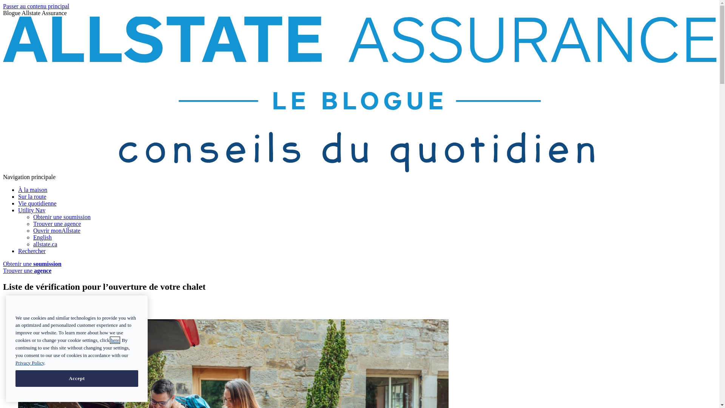 This screenshot has height=408, width=725. What do you see at coordinates (3, 6) in the screenshot?
I see `'Passer au contenu principal'` at bounding box center [3, 6].